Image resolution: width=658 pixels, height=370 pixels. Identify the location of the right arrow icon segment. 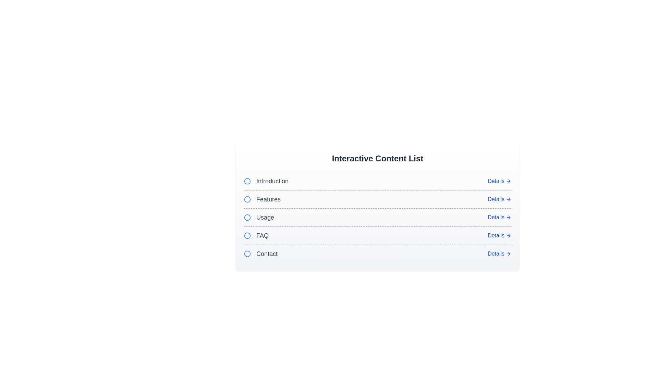
(509, 254).